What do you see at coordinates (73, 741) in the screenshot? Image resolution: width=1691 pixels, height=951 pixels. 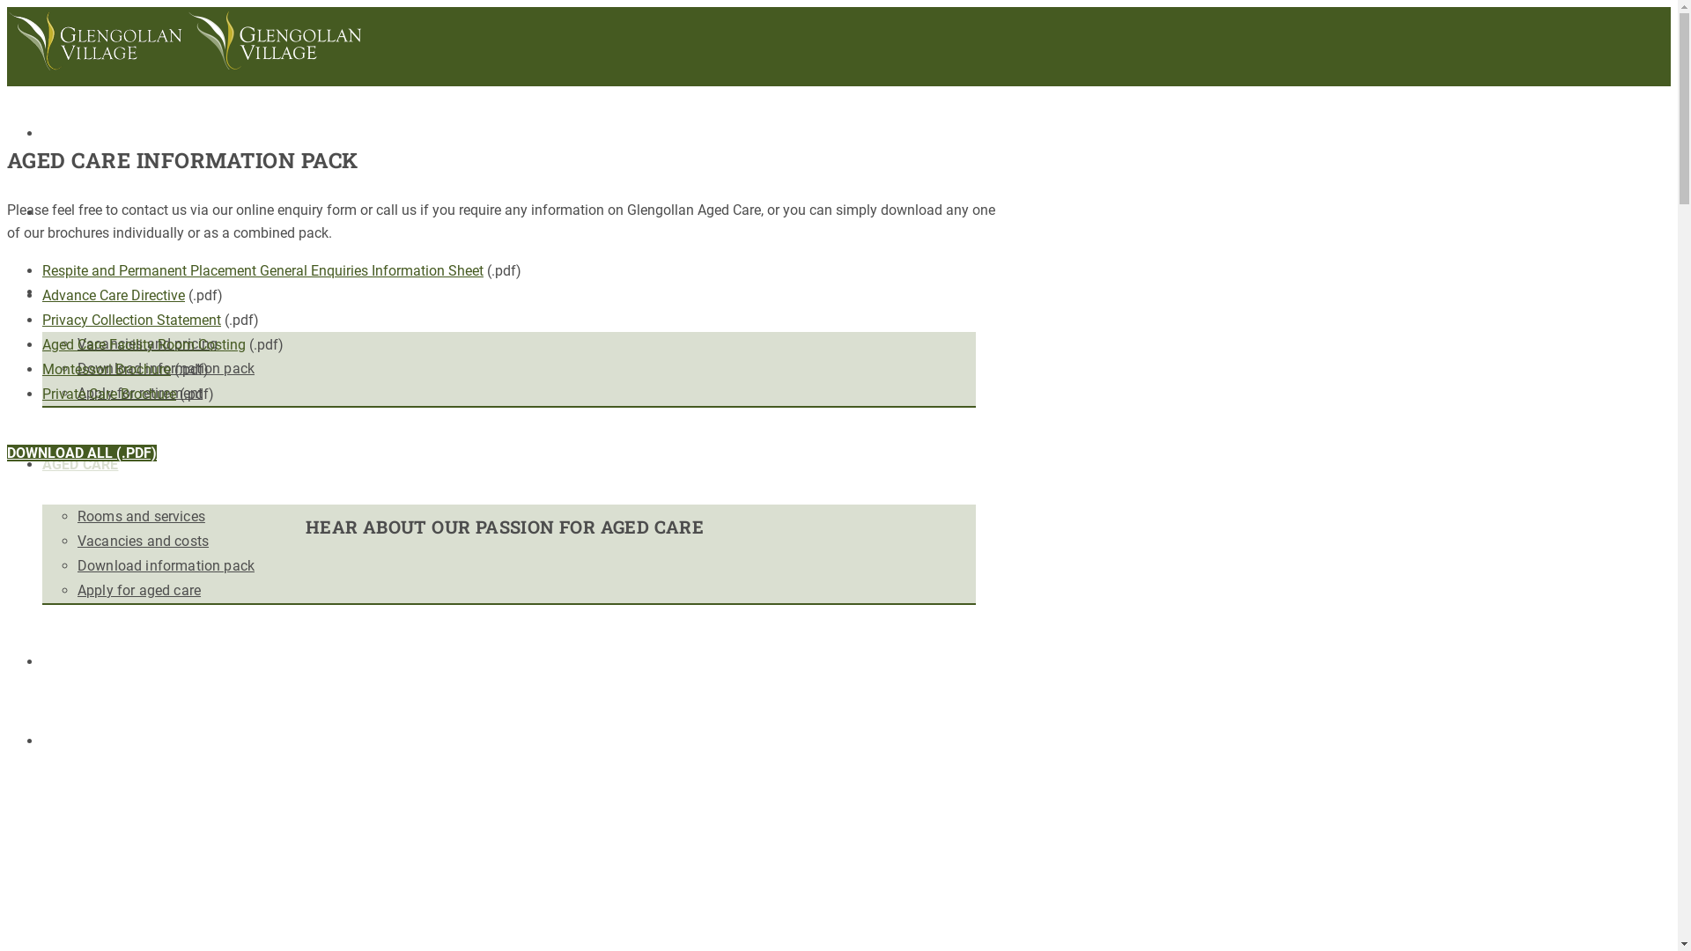 I see `'CONTACT'` at bounding box center [73, 741].